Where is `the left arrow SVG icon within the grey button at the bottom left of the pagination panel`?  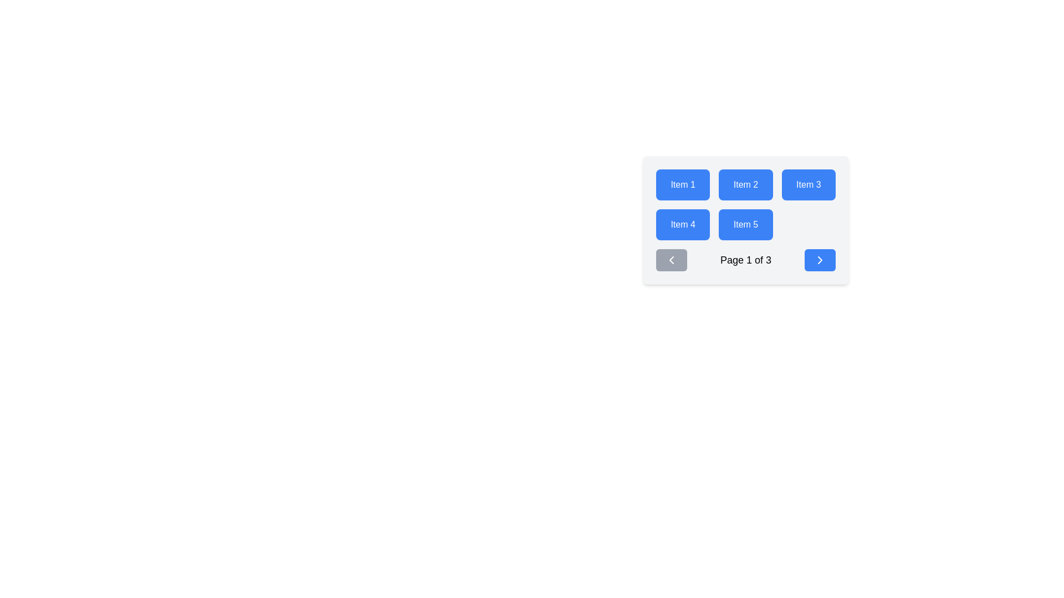 the left arrow SVG icon within the grey button at the bottom left of the pagination panel is located at coordinates (671, 260).